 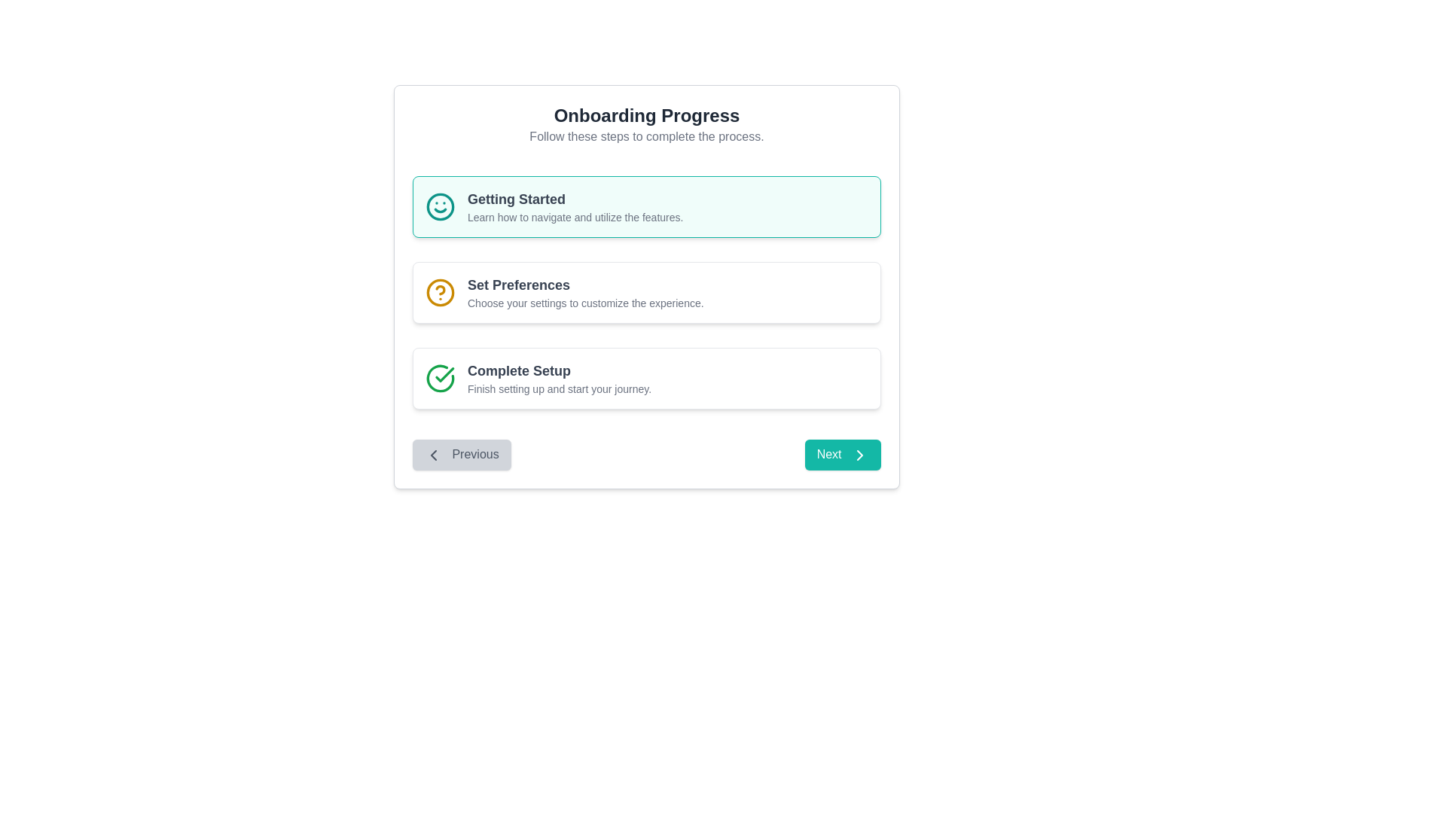 What do you see at coordinates (584, 293) in the screenshot?
I see `the text label located in the second section of the onboarding process, between 'Getting Started' and 'Complete Setup'` at bounding box center [584, 293].